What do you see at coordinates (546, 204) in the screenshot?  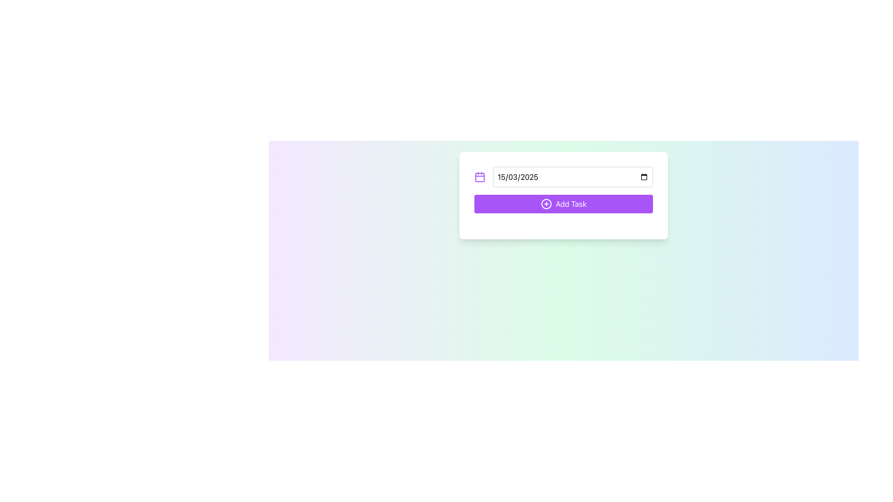 I see `the central circular stroke of the 'Add Task' button icon, which is part of a graphical representation including a cross within a circle` at bounding box center [546, 204].